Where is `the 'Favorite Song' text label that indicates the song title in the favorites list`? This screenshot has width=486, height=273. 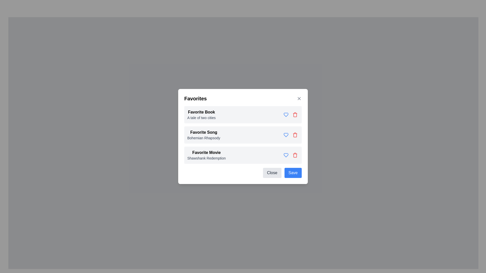
the 'Favorite Song' text label that indicates the song title in the favorites list is located at coordinates (204, 138).